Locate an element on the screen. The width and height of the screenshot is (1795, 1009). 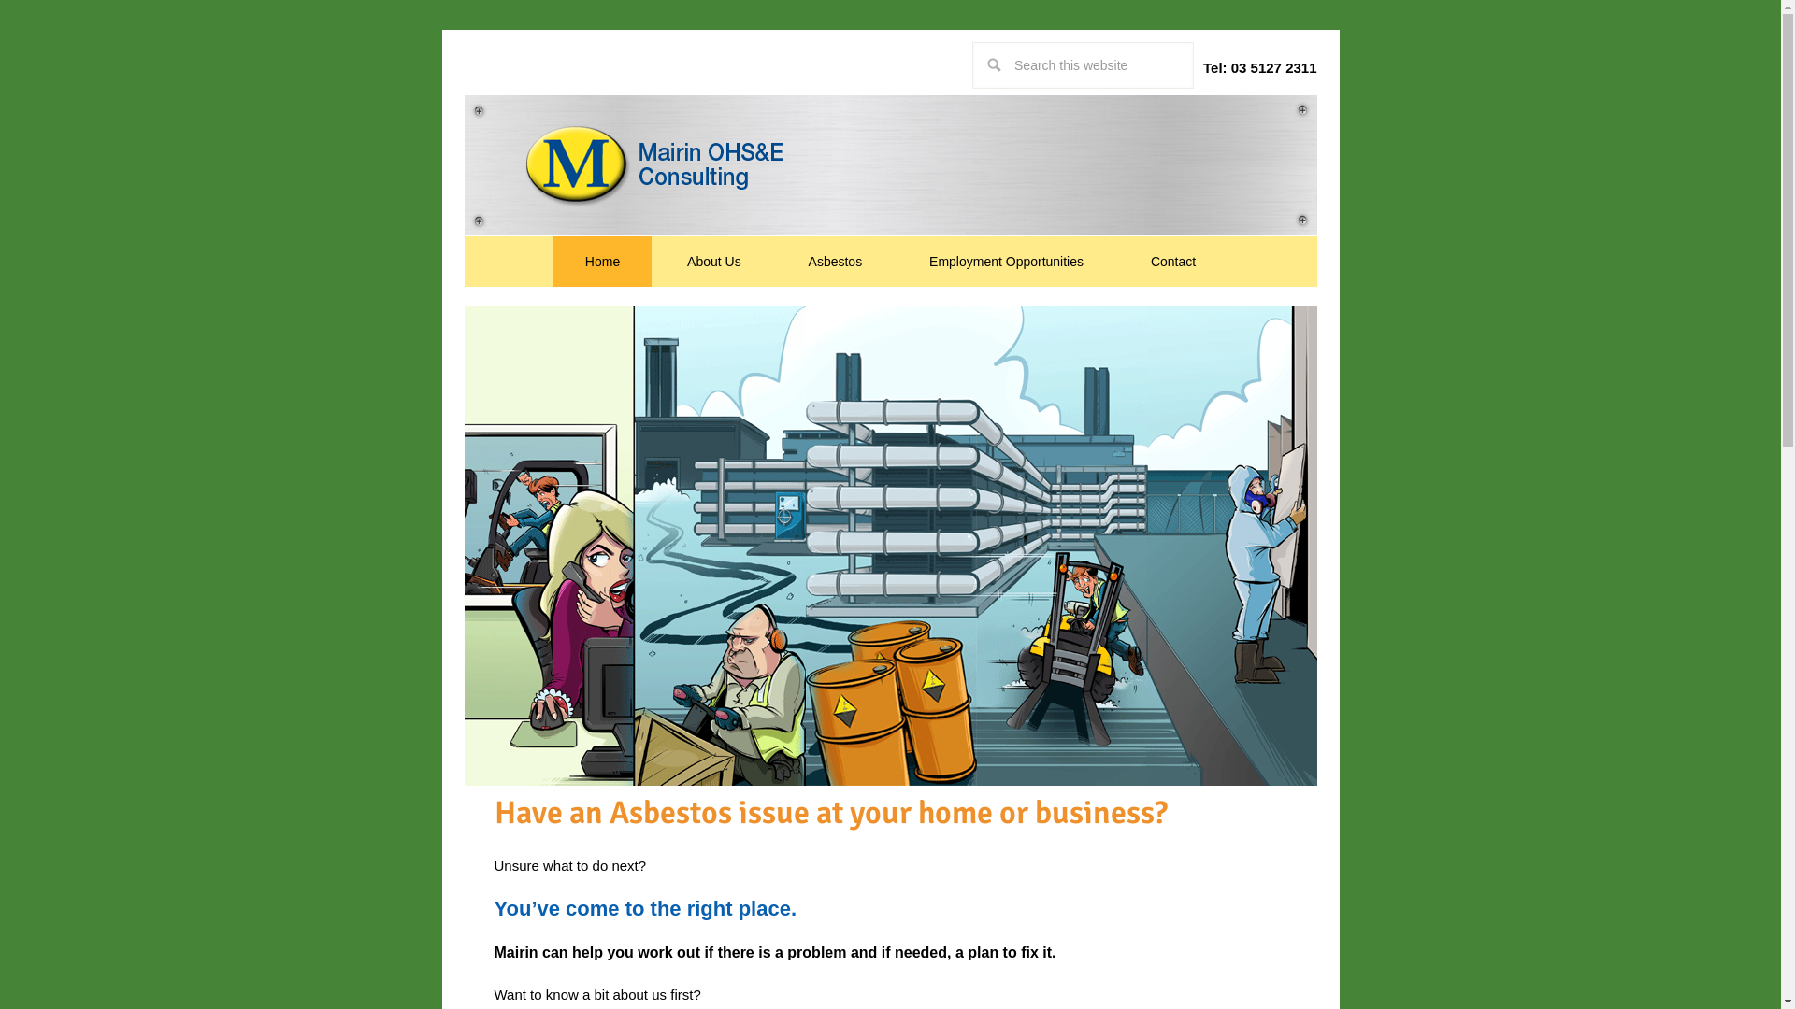
'Contact' is located at coordinates (1171, 262).